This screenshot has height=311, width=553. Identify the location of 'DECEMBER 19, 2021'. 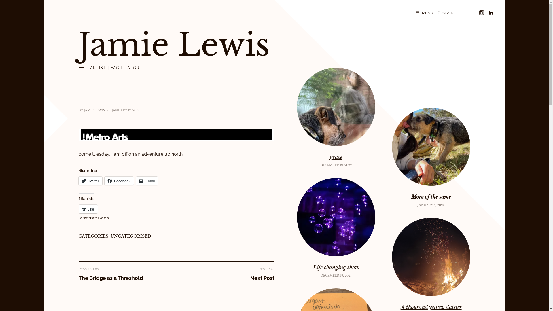
(336, 275).